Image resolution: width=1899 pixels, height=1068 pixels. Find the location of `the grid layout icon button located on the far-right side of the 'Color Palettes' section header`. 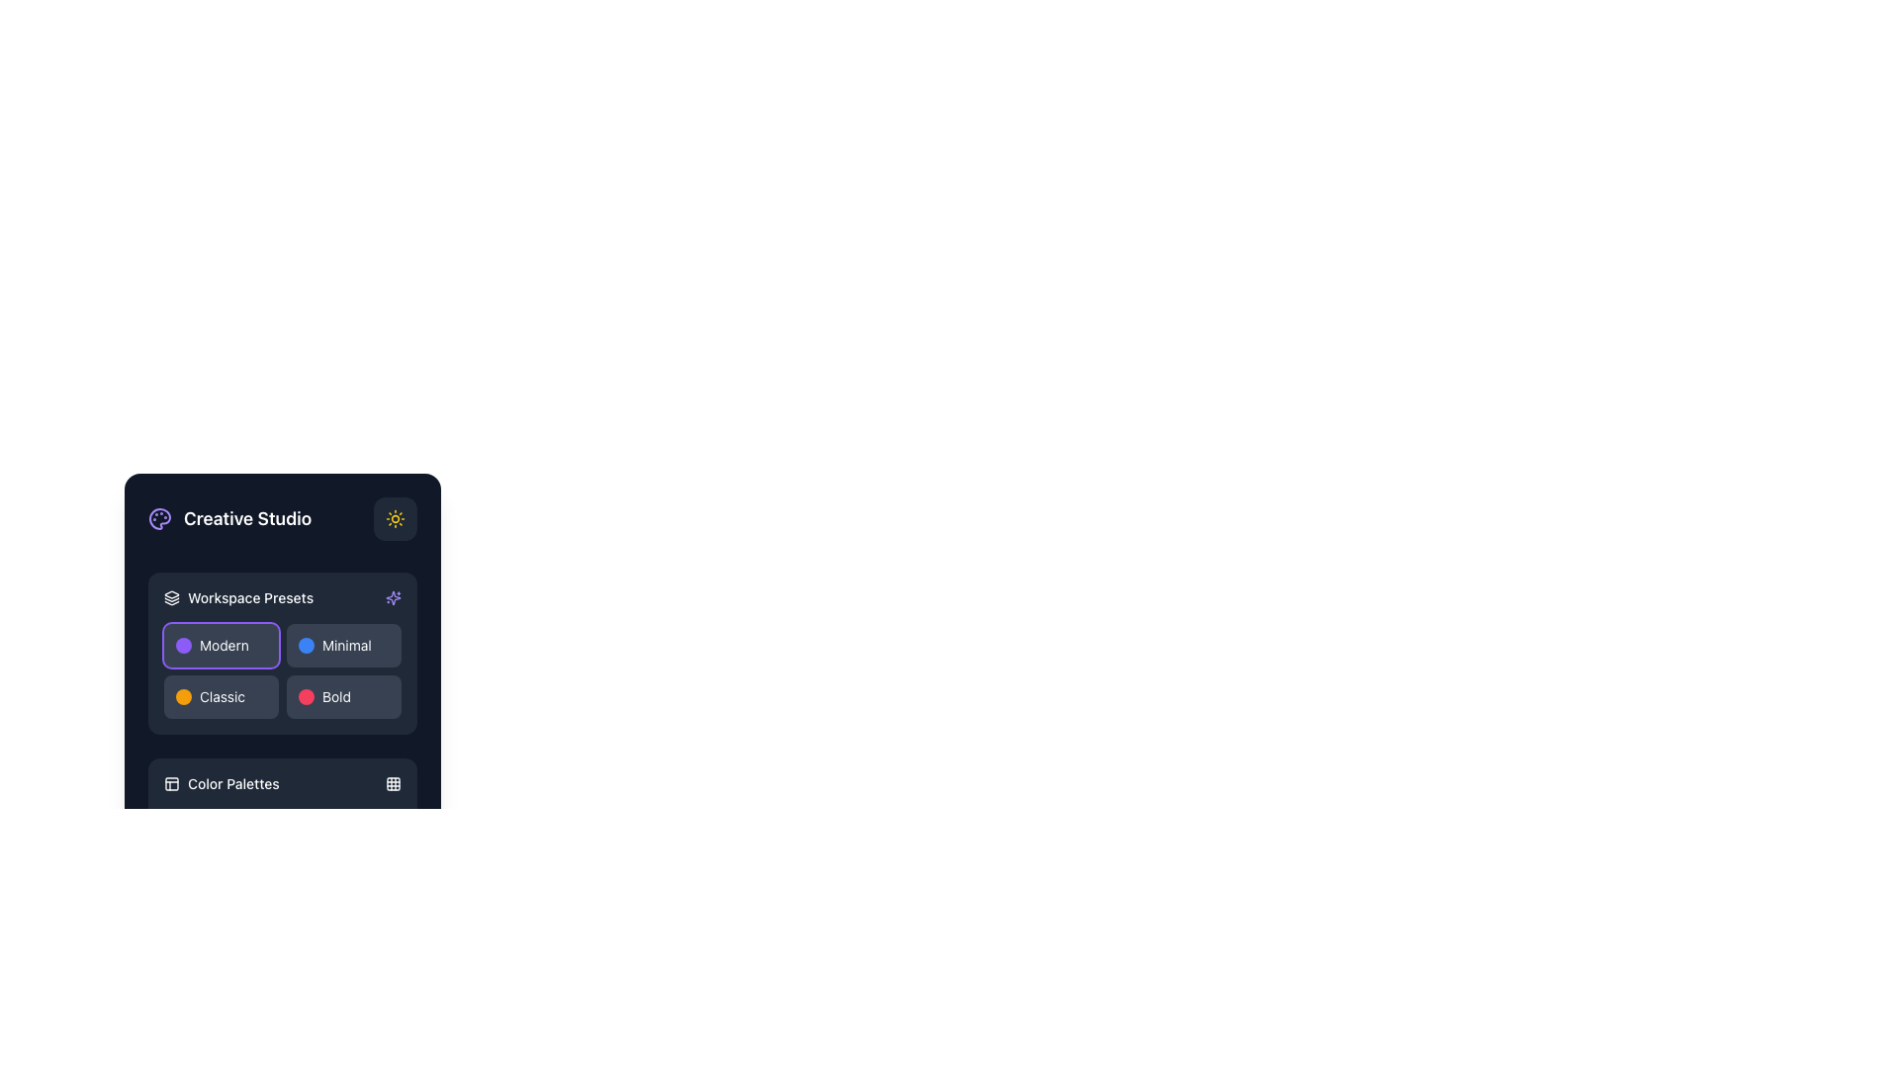

the grid layout icon button located on the far-right side of the 'Color Palettes' section header is located at coordinates (394, 783).